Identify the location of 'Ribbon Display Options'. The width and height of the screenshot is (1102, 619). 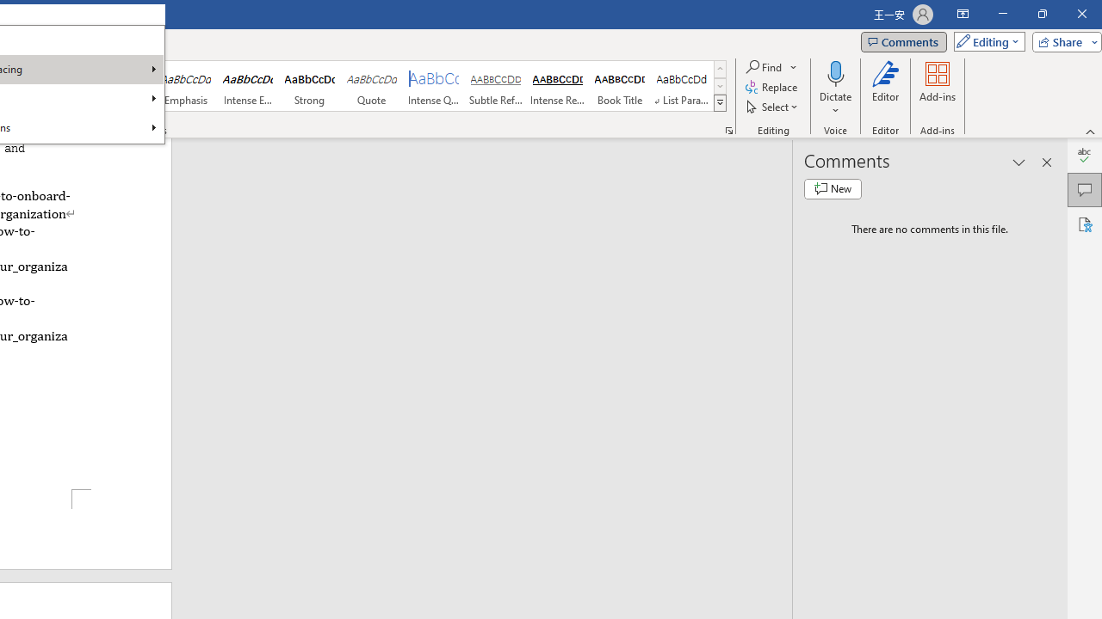
(962, 14).